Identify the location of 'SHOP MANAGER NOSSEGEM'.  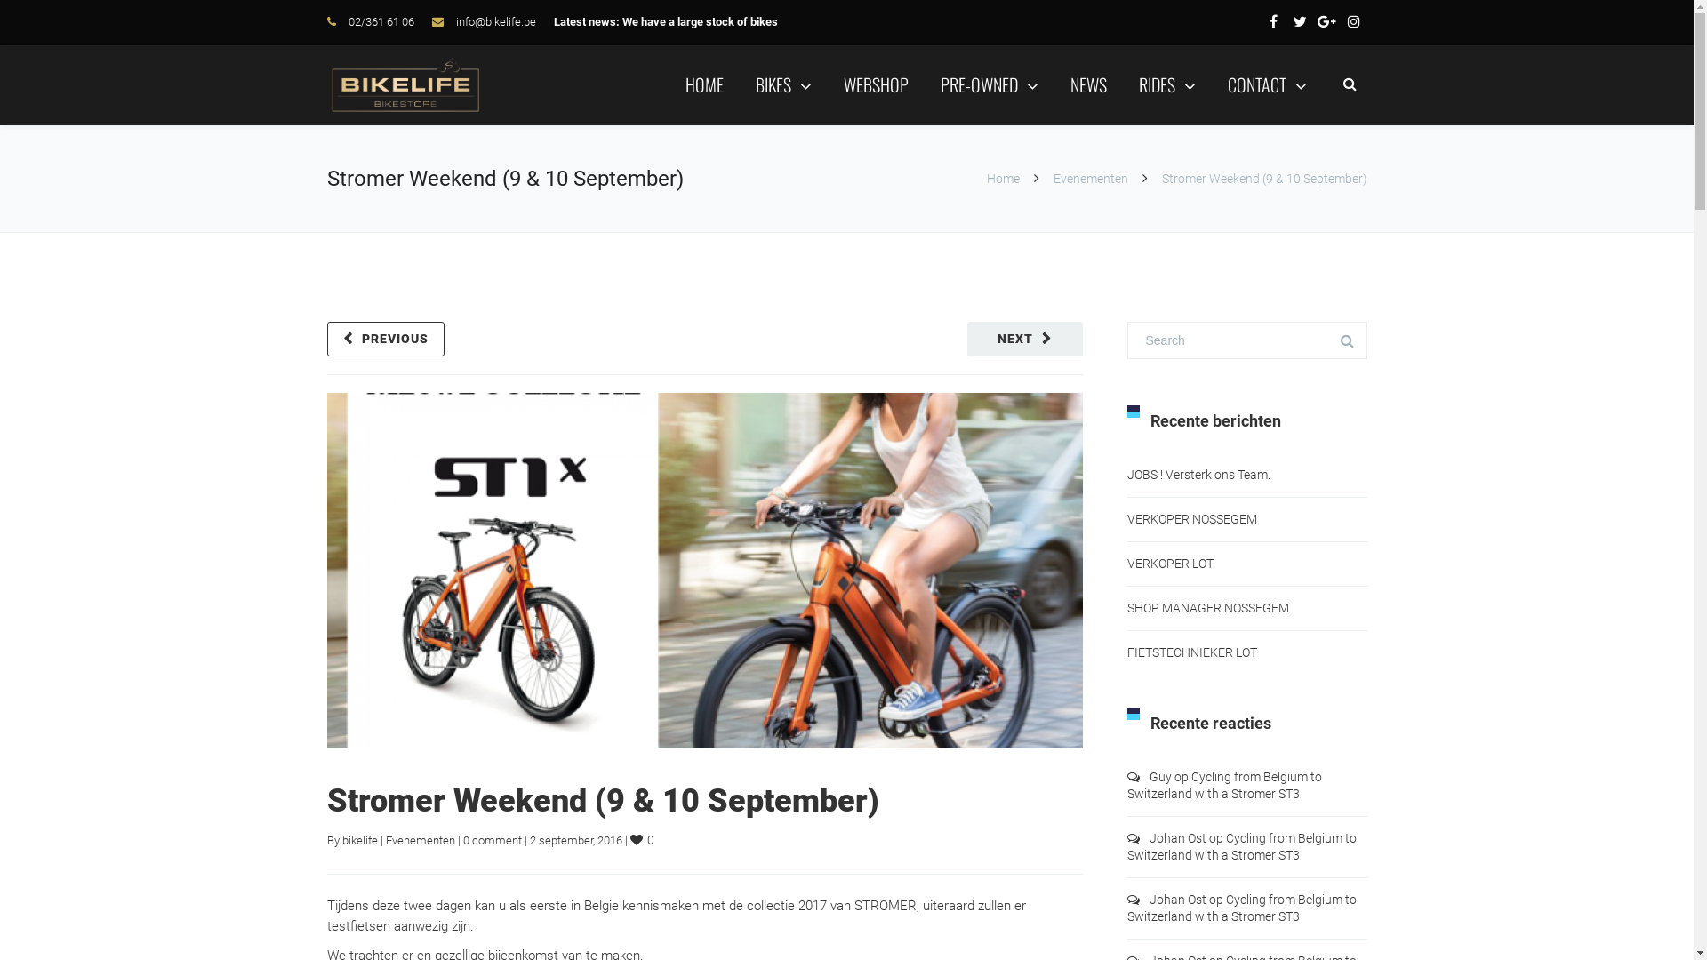
(1207, 606).